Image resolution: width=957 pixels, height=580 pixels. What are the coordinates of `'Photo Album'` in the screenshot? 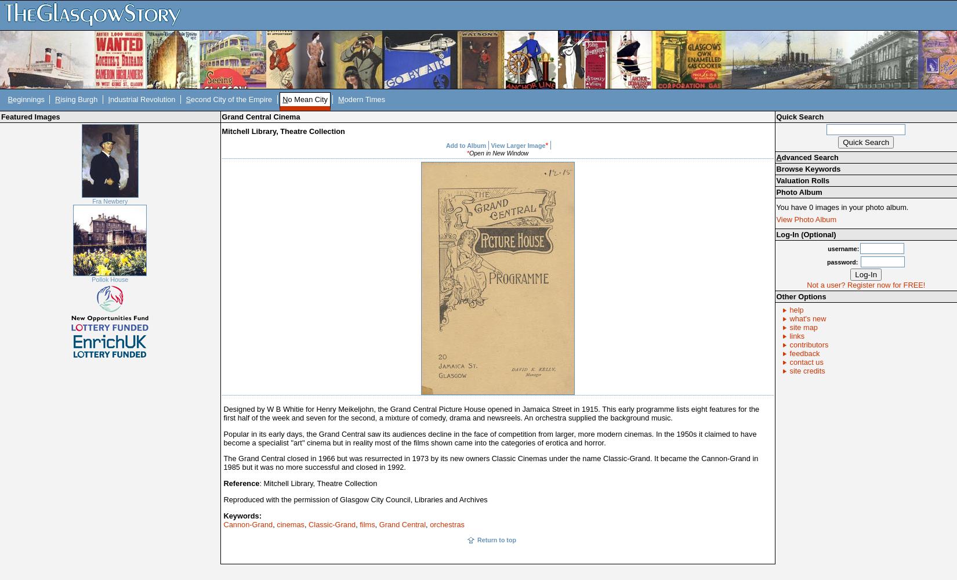 It's located at (798, 191).